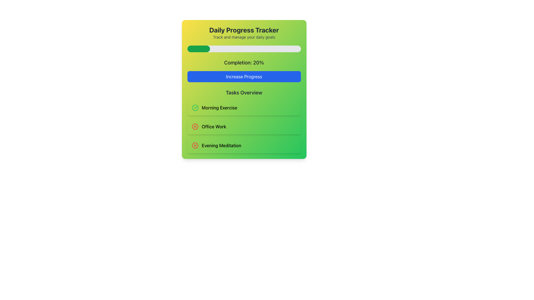  What do you see at coordinates (196, 107) in the screenshot?
I see `the state of the green checkmark icon located to the left of the 'Morning Exercise' text label` at bounding box center [196, 107].